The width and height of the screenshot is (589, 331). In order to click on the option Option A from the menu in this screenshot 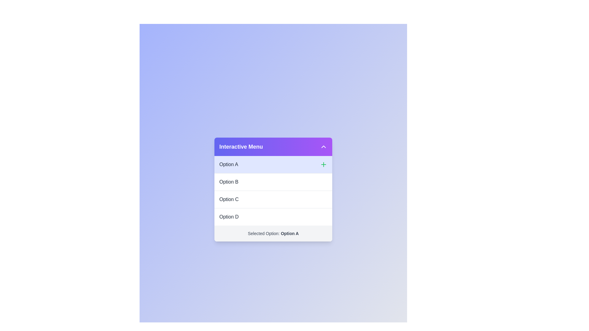, I will do `click(273, 164)`.